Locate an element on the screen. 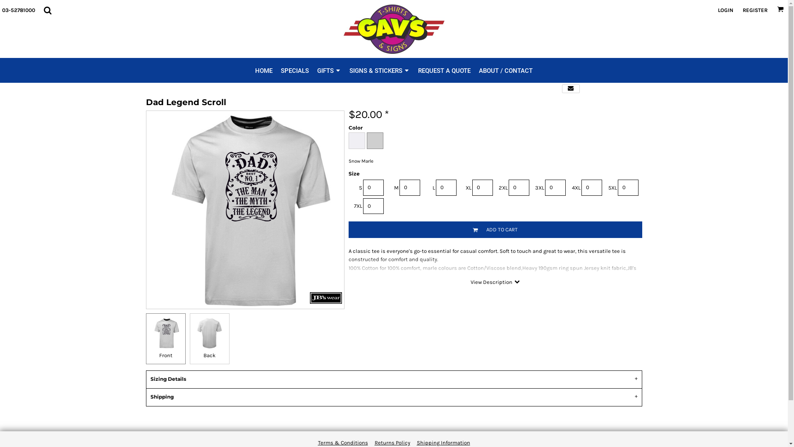  'Snow Marle' is located at coordinates (374, 140).